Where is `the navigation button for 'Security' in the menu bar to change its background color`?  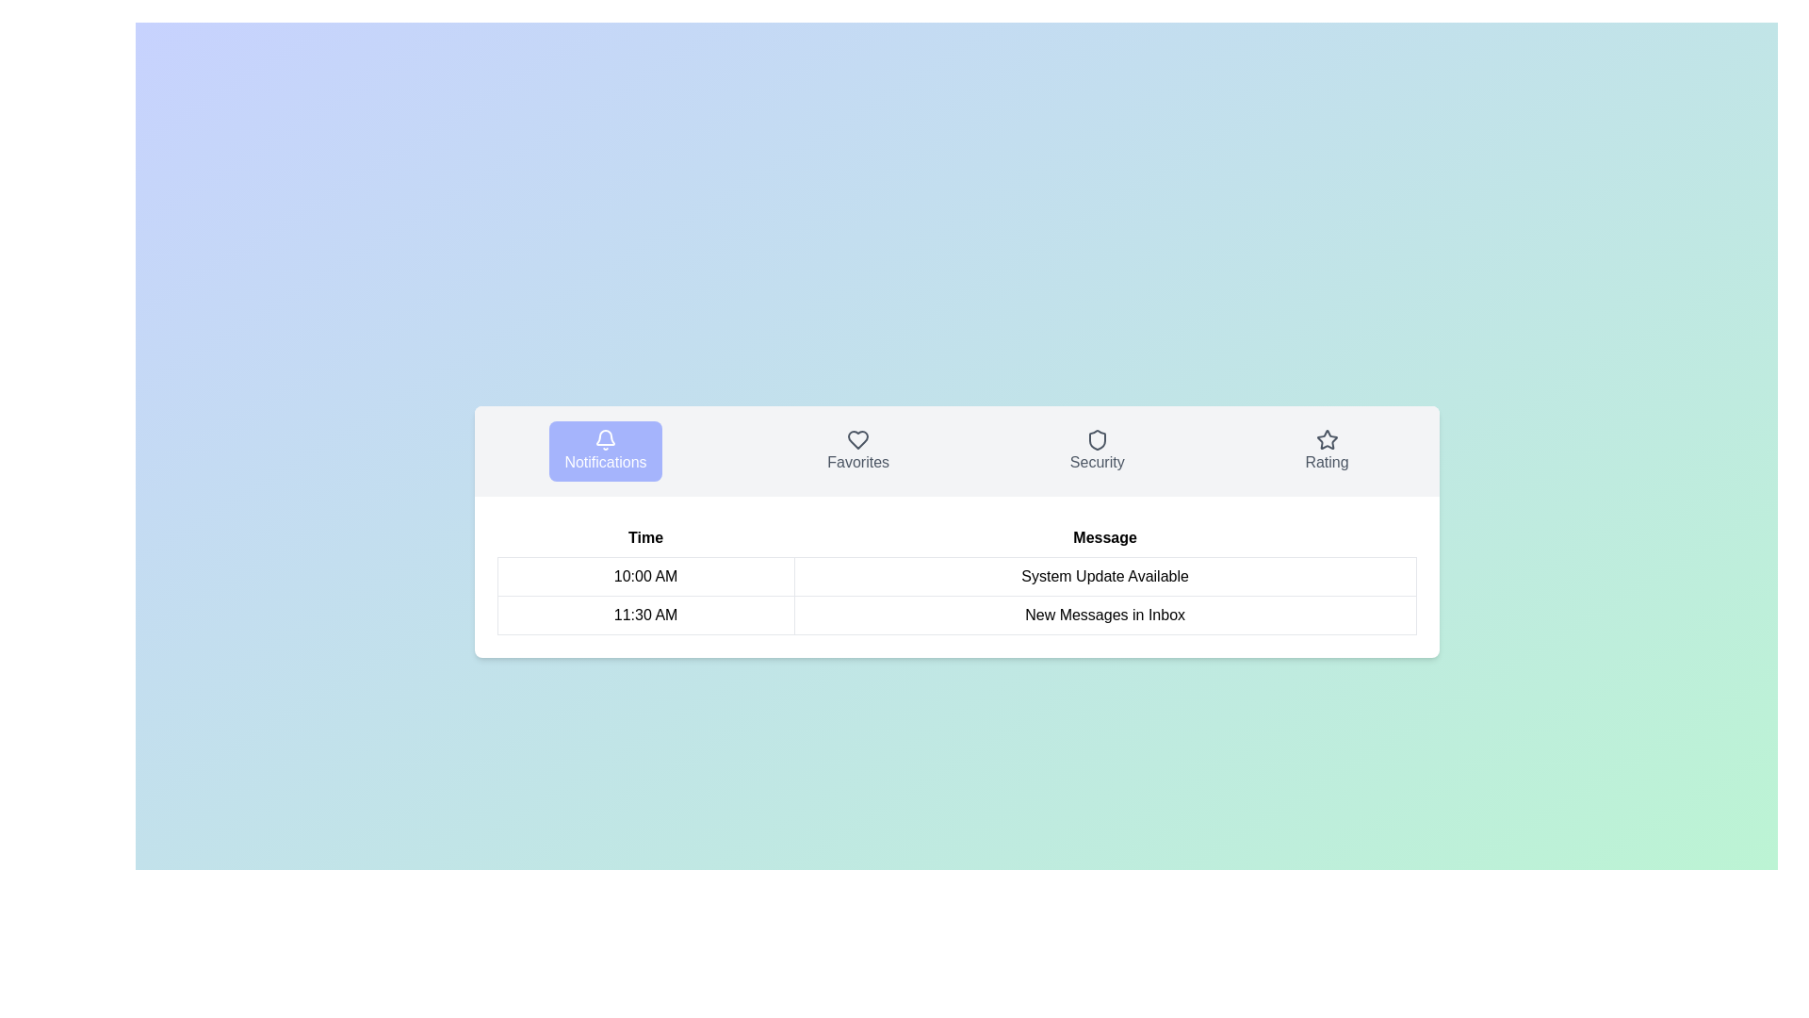 the navigation button for 'Security' in the menu bar to change its background color is located at coordinates (1097, 451).